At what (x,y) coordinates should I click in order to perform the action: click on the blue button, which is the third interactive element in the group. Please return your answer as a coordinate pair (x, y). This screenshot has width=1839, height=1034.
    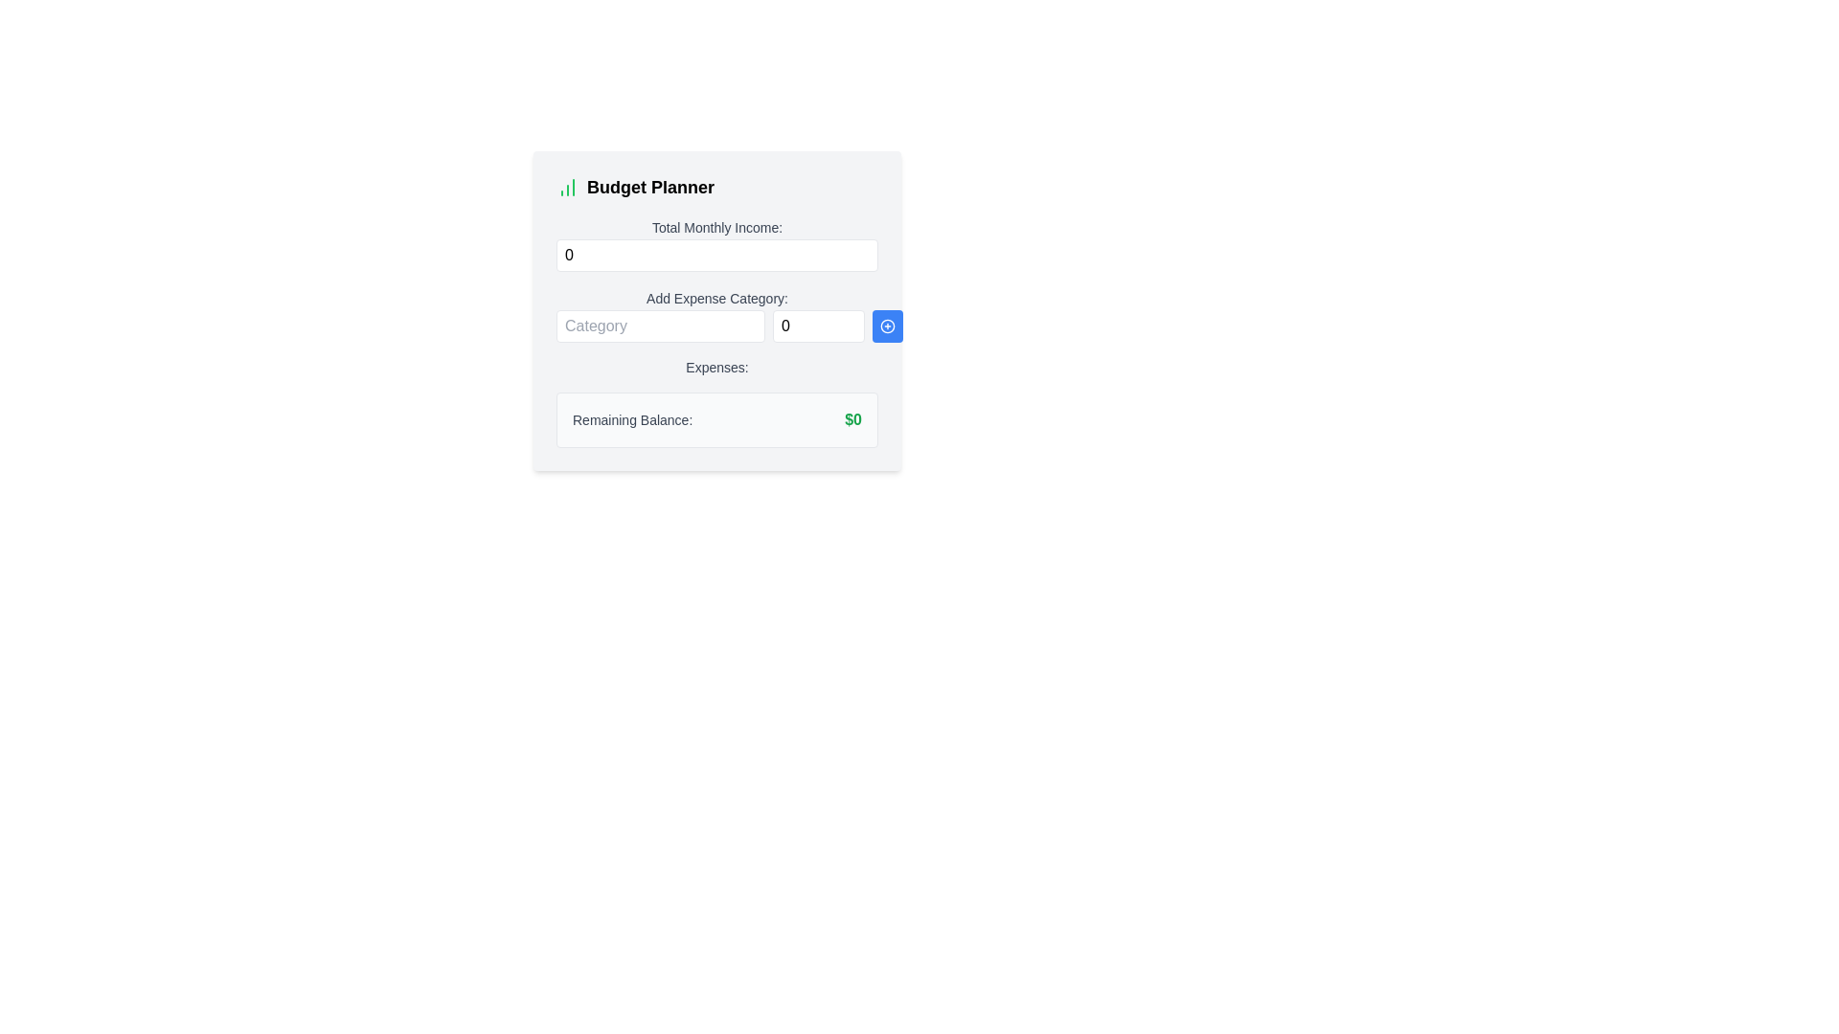
    Looking at the image, I should click on (886, 325).